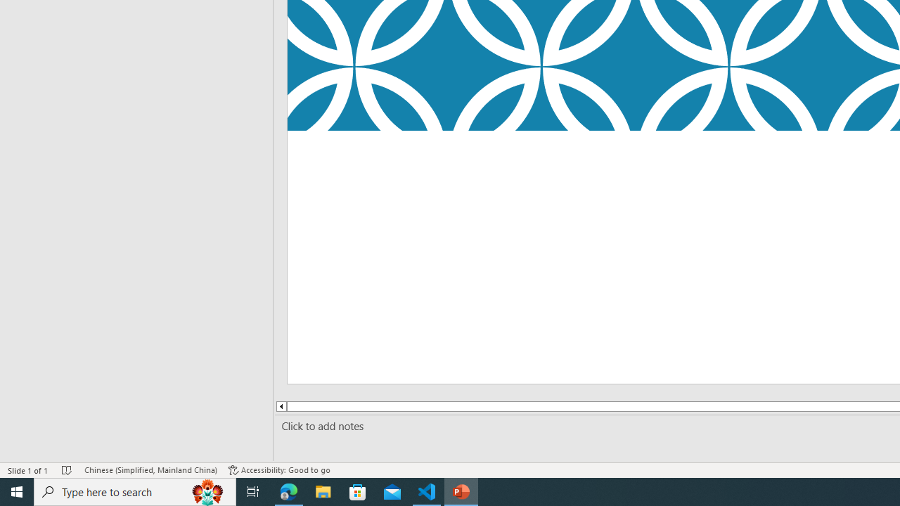 This screenshot has height=506, width=900. Describe the element at coordinates (279, 470) in the screenshot. I see `'Accessibility Checker Accessibility: Good to go'` at that location.